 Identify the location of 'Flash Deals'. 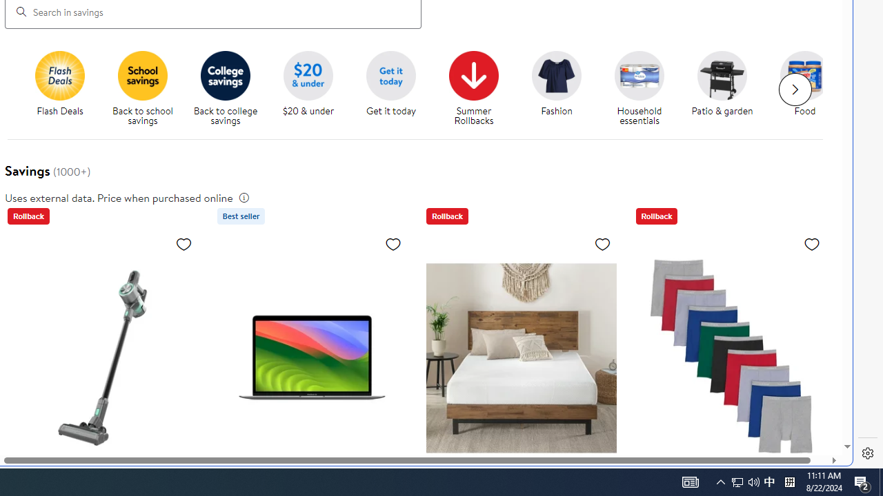
(64, 89).